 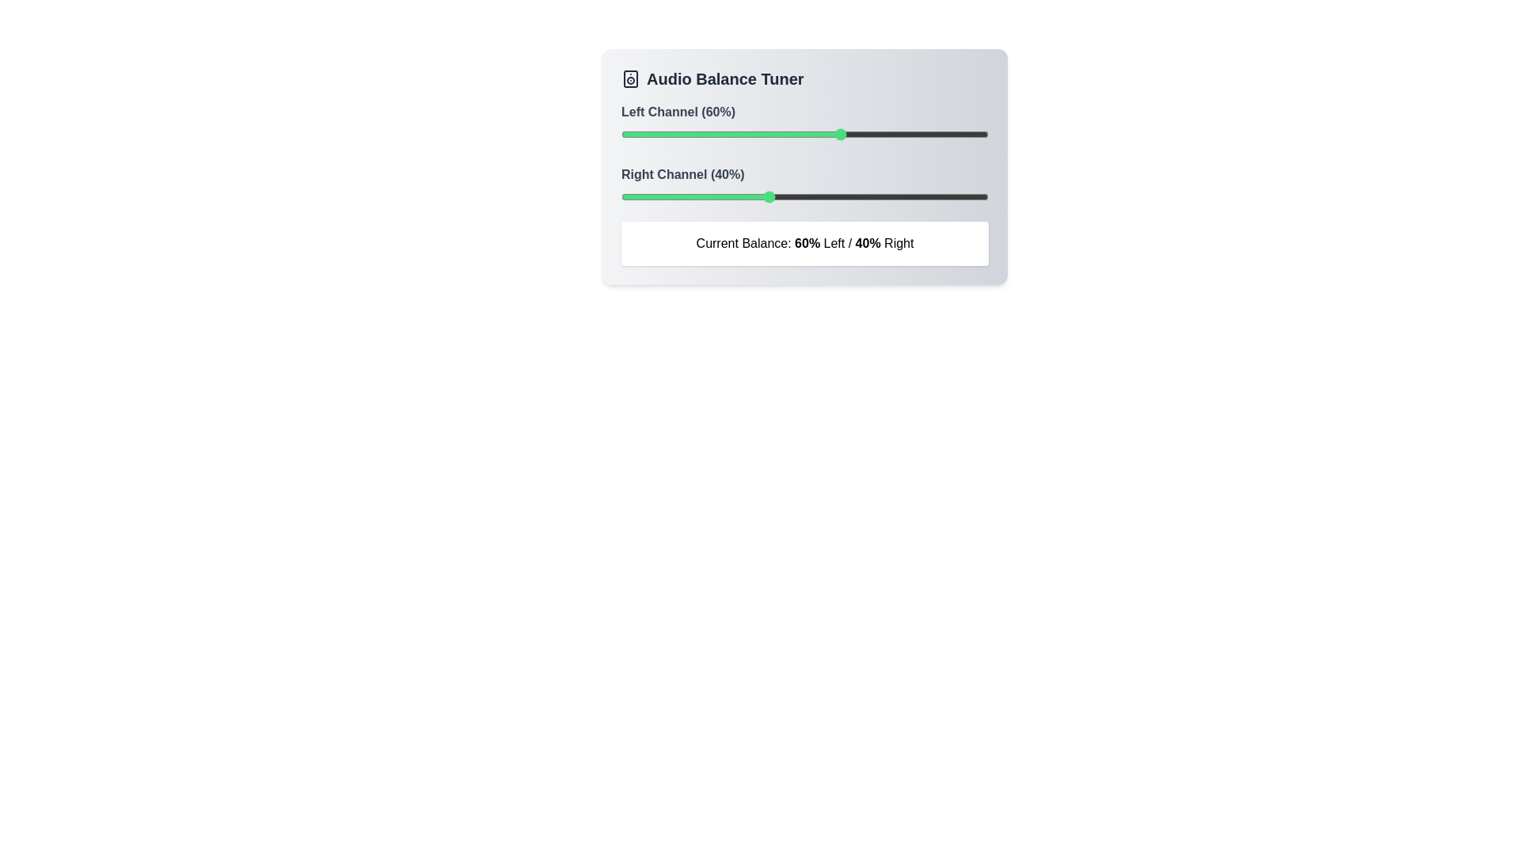 What do you see at coordinates (896, 133) in the screenshot?
I see `the balance of the 0 channel to 75%` at bounding box center [896, 133].